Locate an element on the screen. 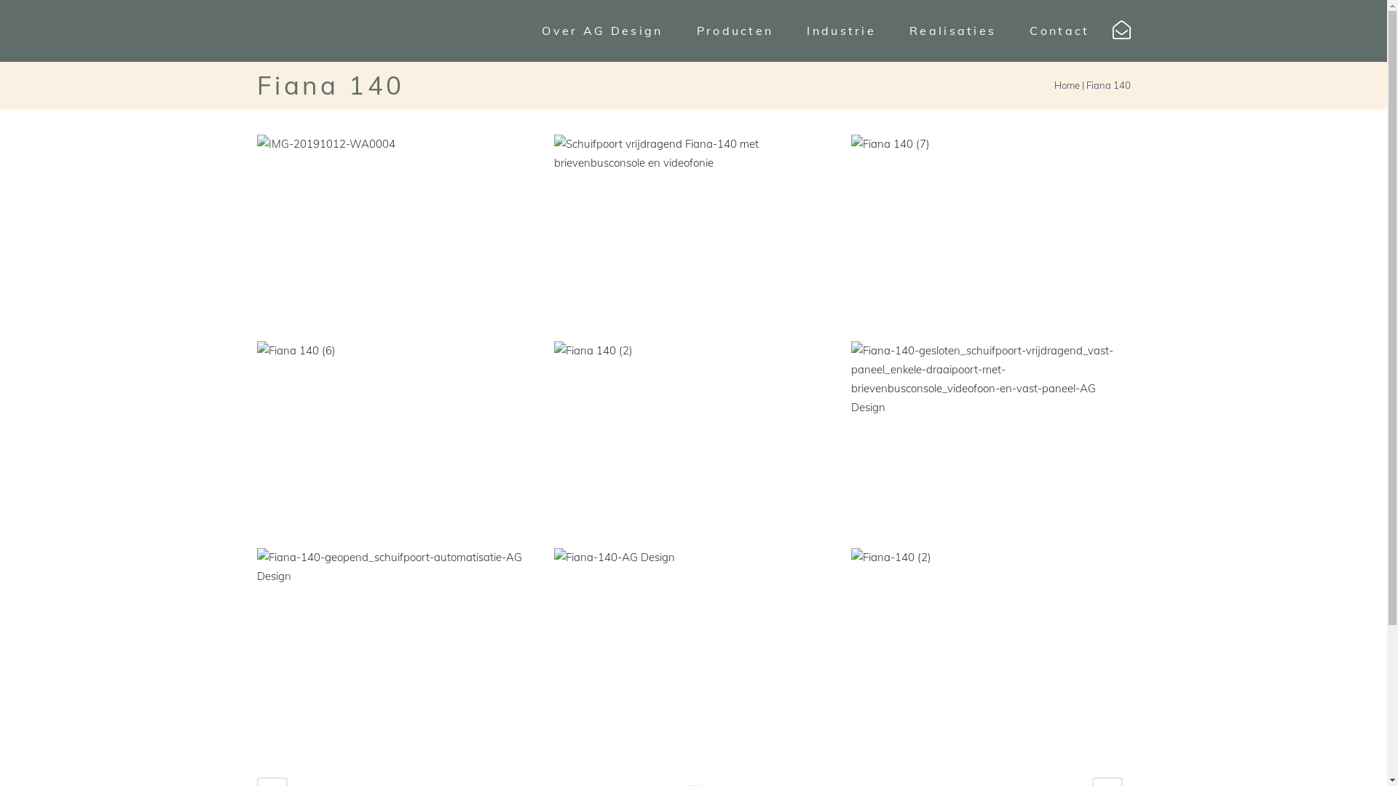 The height and width of the screenshot is (786, 1398). 'Industrie' is located at coordinates (841, 31).